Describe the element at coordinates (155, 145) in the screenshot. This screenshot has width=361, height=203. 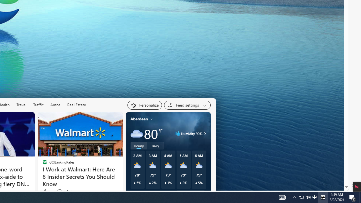
I see `'Daily'` at that location.